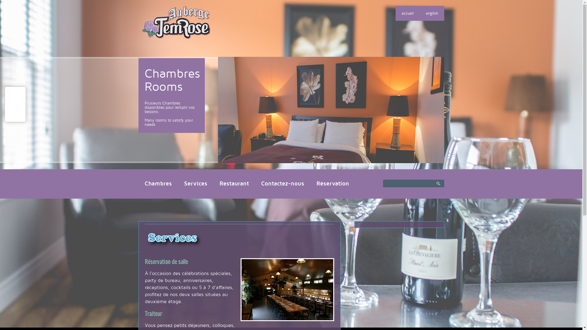 The height and width of the screenshot is (330, 587). Describe the element at coordinates (176, 22) in the screenshot. I see `'Auberge TemRose'` at that location.